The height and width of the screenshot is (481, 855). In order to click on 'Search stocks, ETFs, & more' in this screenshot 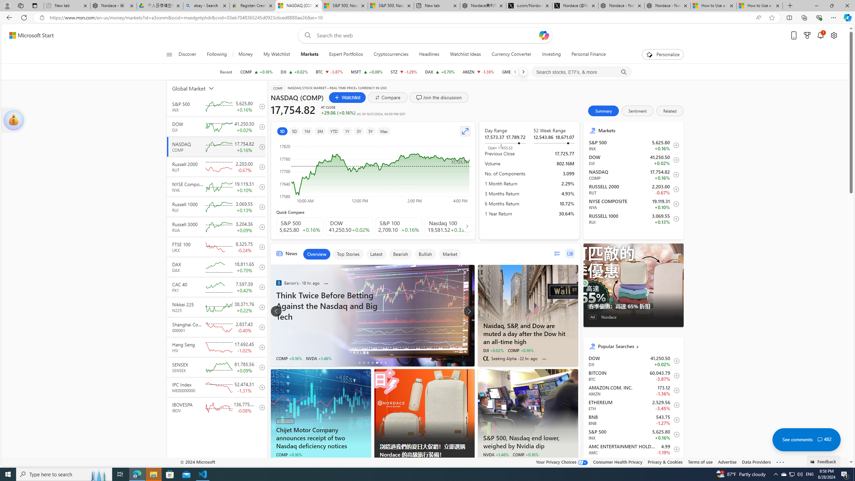, I will do `click(581, 72)`.